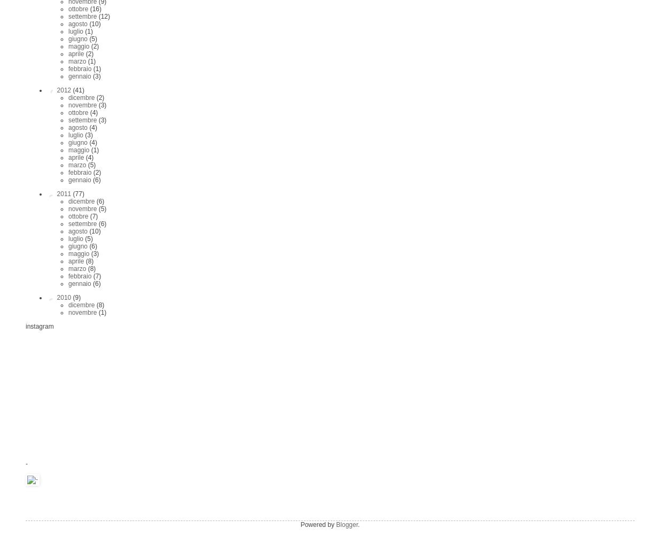  I want to click on '(9)', so click(76, 296).